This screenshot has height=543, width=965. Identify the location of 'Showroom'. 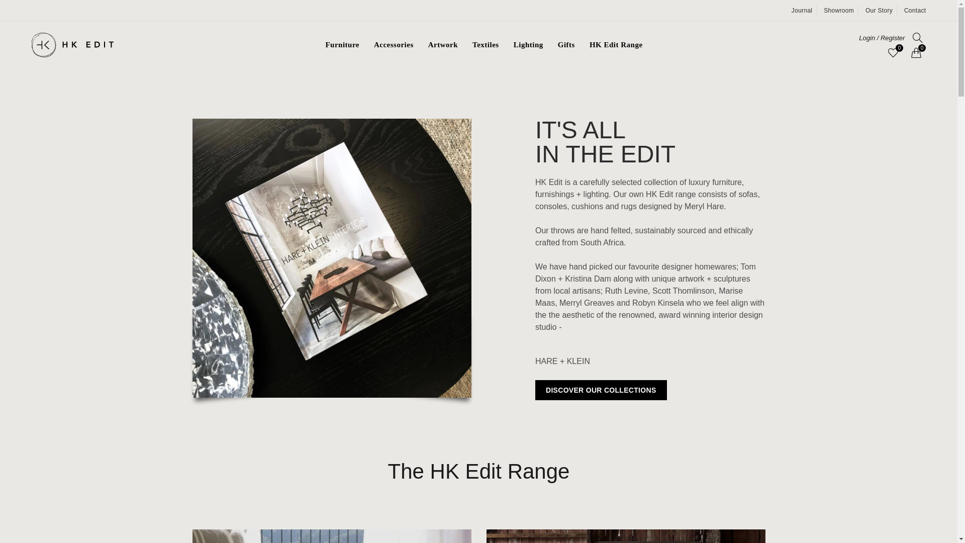
(839, 10).